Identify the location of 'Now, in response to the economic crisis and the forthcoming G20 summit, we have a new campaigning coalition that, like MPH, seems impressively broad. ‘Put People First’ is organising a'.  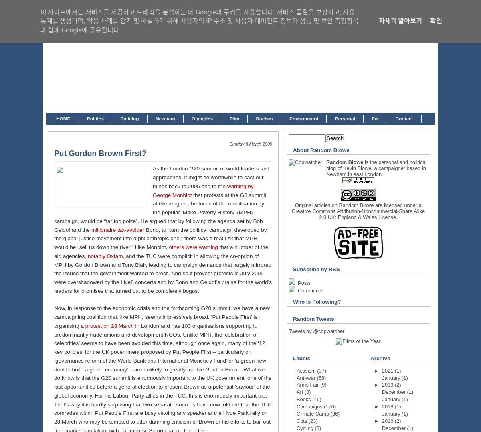
(54, 316).